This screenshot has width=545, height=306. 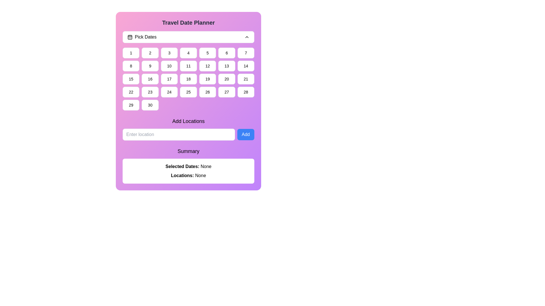 What do you see at coordinates (246, 65) in the screenshot?
I see `the small interactive button featuring the number '14' on a white background` at bounding box center [246, 65].